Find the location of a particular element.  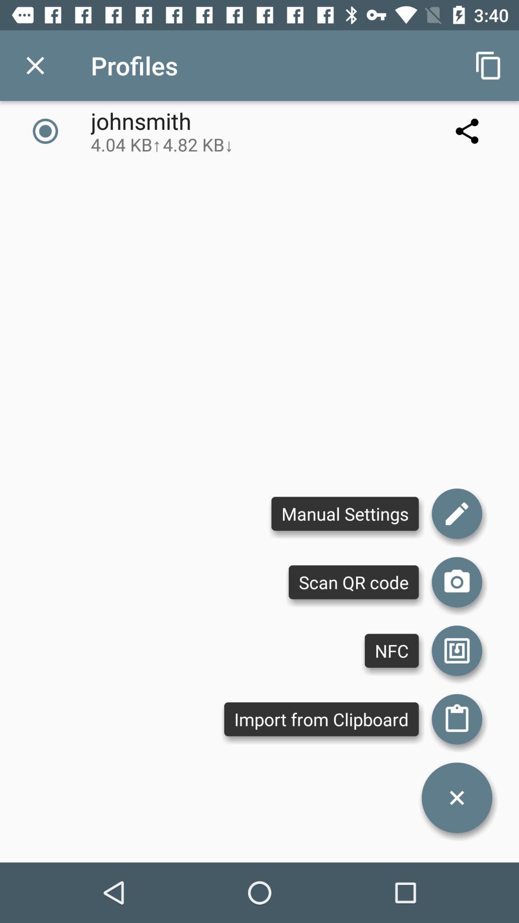

nfc menu is located at coordinates (457, 650).